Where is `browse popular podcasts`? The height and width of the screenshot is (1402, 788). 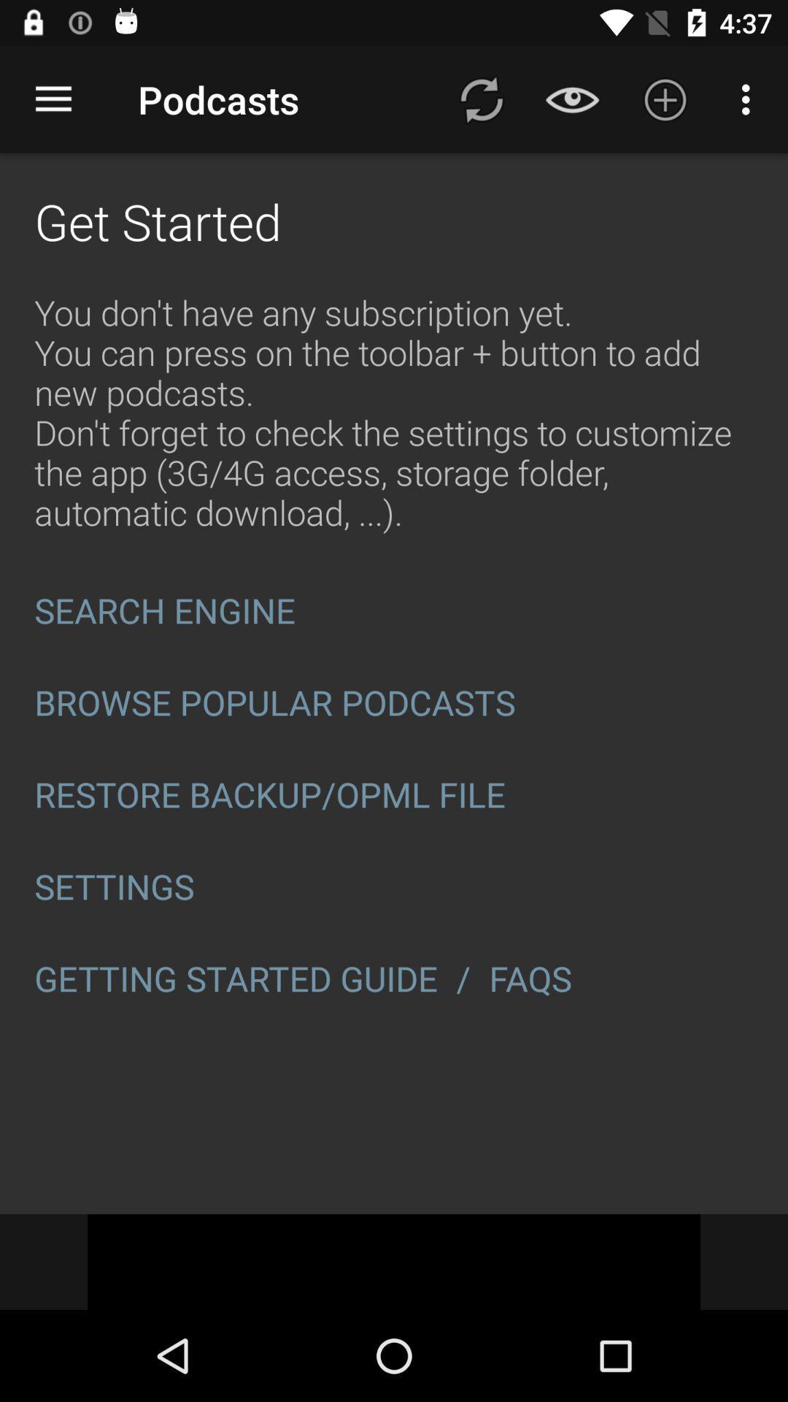
browse popular podcasts is located at coordinates (394, 702).